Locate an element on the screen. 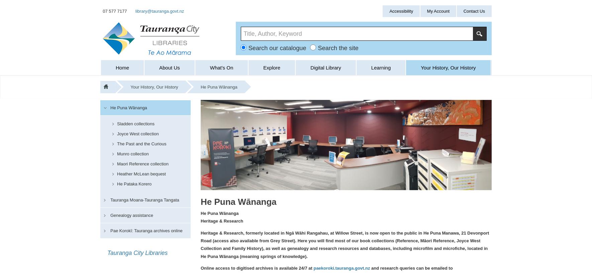  'Your History, Our History' is located at coordinates (130, 87).